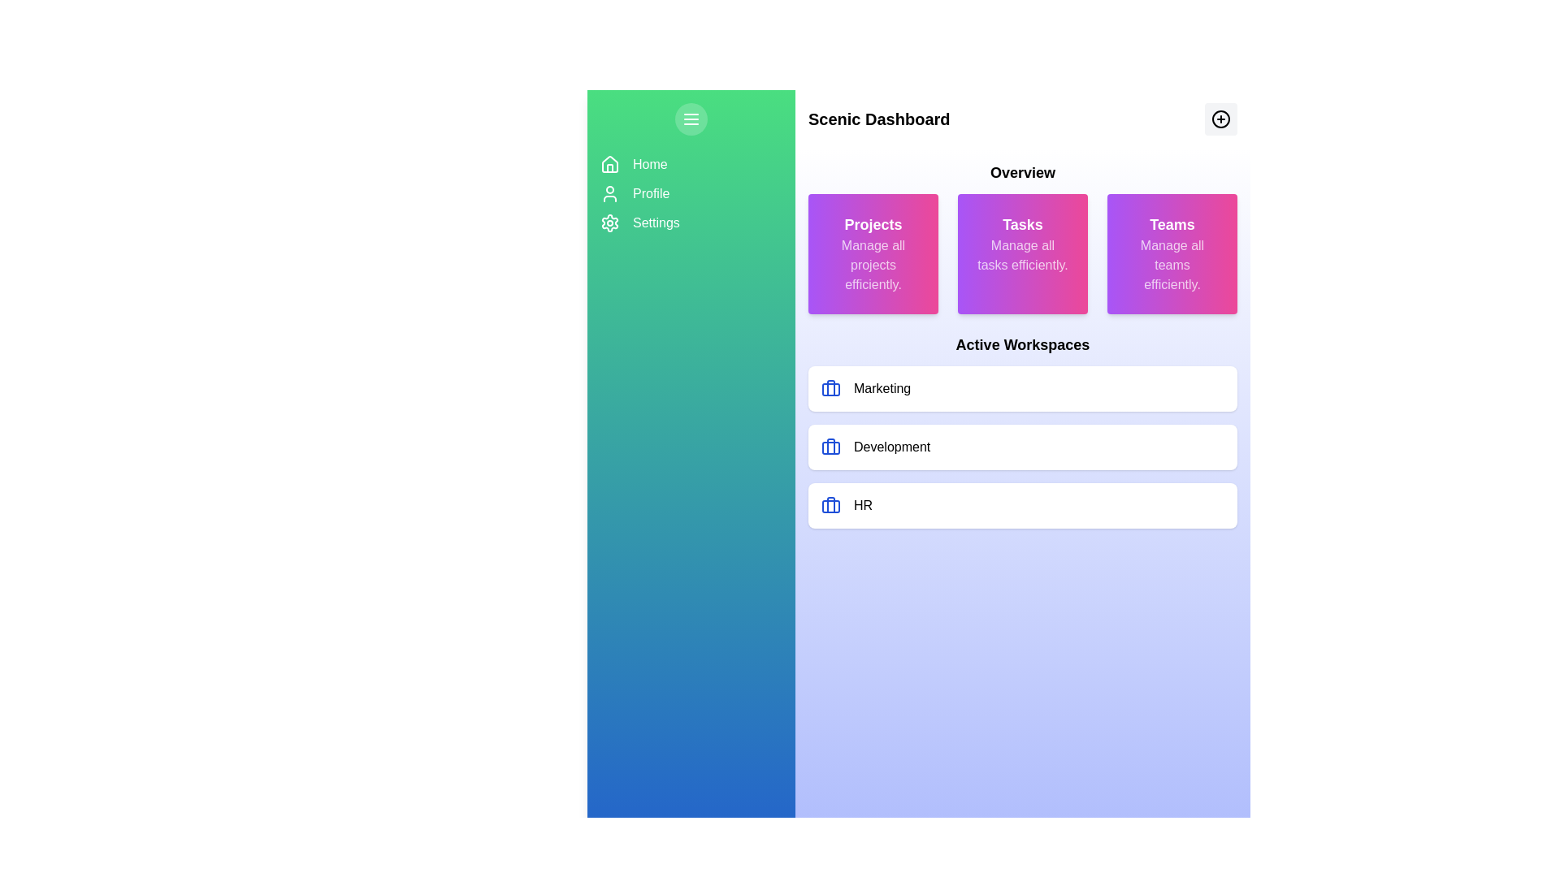  Describe the element at coordinates (1021, 447) in the screenshot. I see `the 'Development' workspace button located in the list of 'Active Workspaces' on the right side of the interface, which is positioned between the 'Marketing' and 'HR' sections` at that location.